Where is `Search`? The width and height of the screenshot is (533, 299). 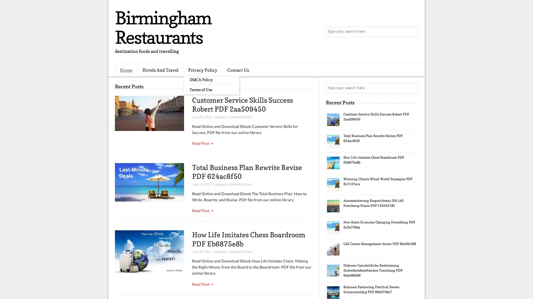 Search is located at coordinates (412, 88).